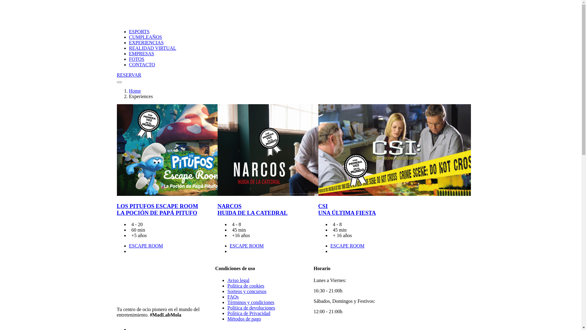  I want to click on 'CONTACTO', so click(142, 64).